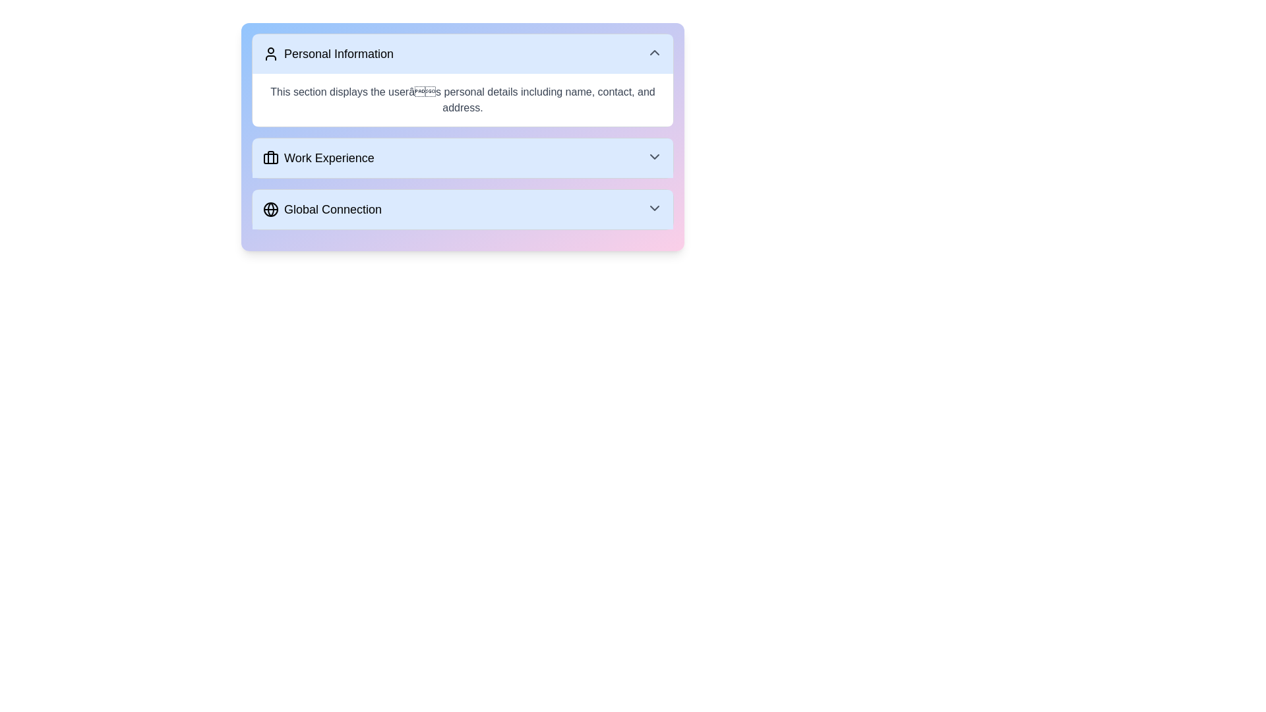 Image resolution: width=1266 pixels, height=712 pixels. I want to click on the left vertical side of the briefcase icon in the 'Work Experience' section, which is styled with a stroke and outlines the side structure of the icon, so click(270, 157).